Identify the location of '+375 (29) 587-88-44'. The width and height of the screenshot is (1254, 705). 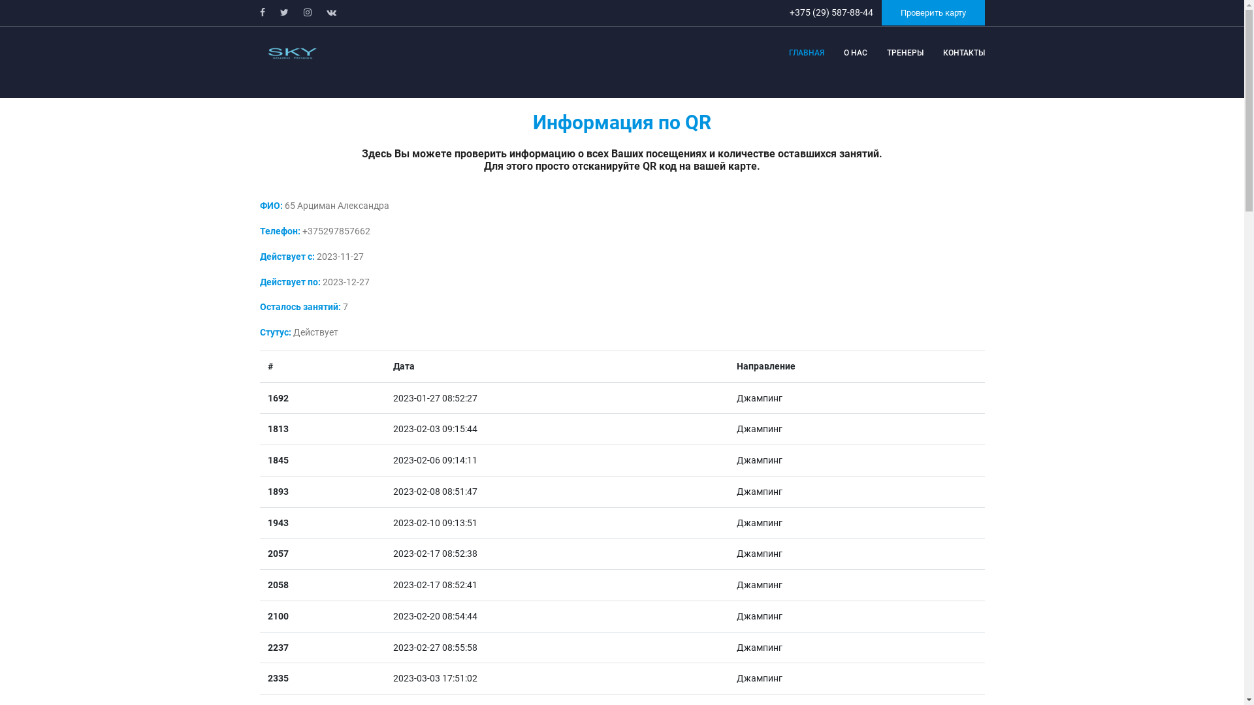
(831, 12).